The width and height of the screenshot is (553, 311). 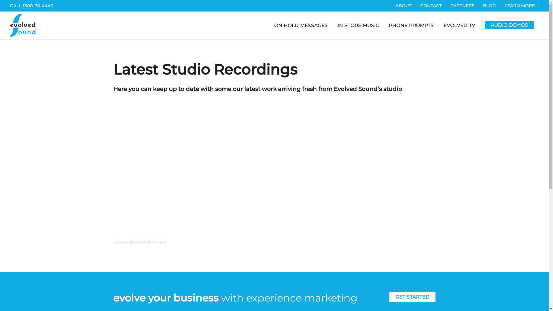 What do you see at coordinates (489, 5) in the screenshot?
I see `'BLOG'` at bounding box center [489, 5].